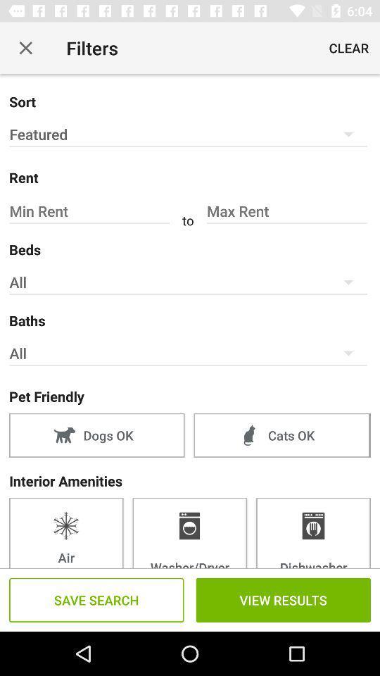  I want to click on the item next to the dogs ok item, so click(281, 434).